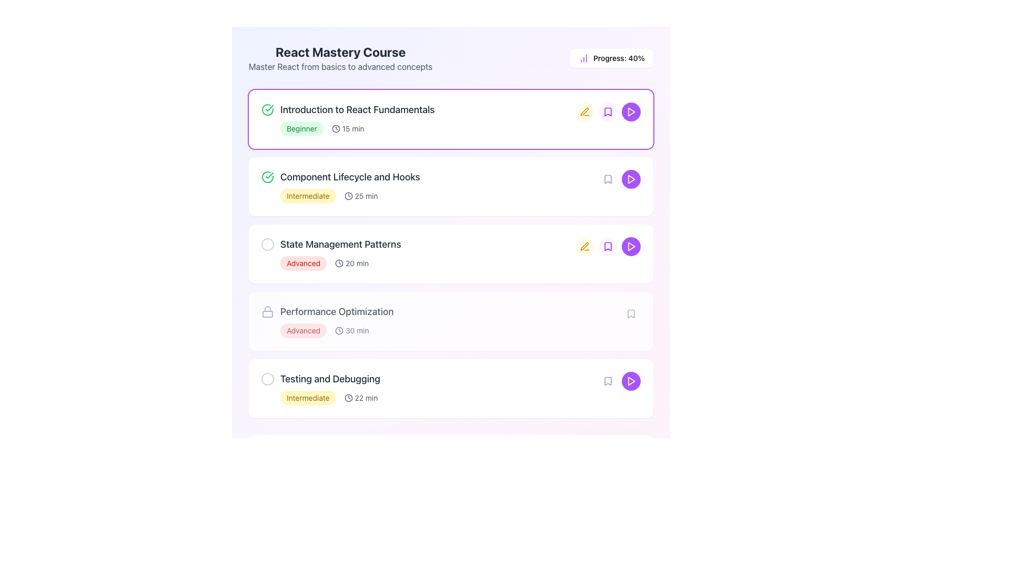 The image size is (1010, 568). Describe the element at coordinates (366, 196) in the screenshot. I see `the text label that indicates the duration of the course module in minutes, which is located to the right of the clock icon and below the 'Intermediate' level badge in the second course module of the course overview` at that location.